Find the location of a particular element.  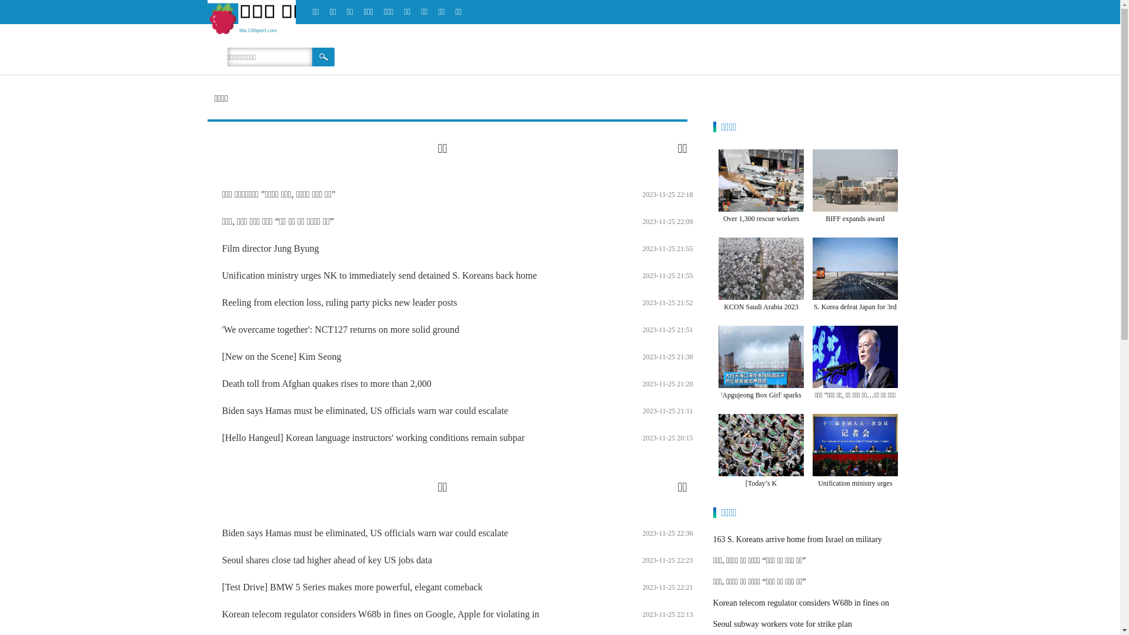

'Film director Jung Byung' is located at coordinates (222, 248).